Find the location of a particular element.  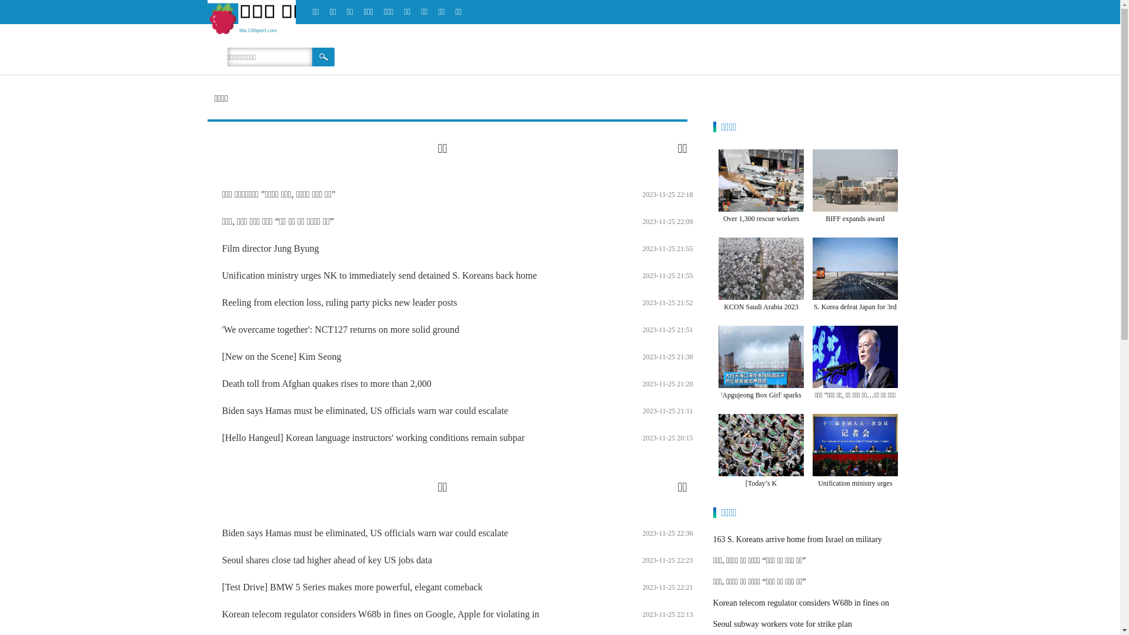

'Film director Jung Byung' is located at coordinates (222, 248).